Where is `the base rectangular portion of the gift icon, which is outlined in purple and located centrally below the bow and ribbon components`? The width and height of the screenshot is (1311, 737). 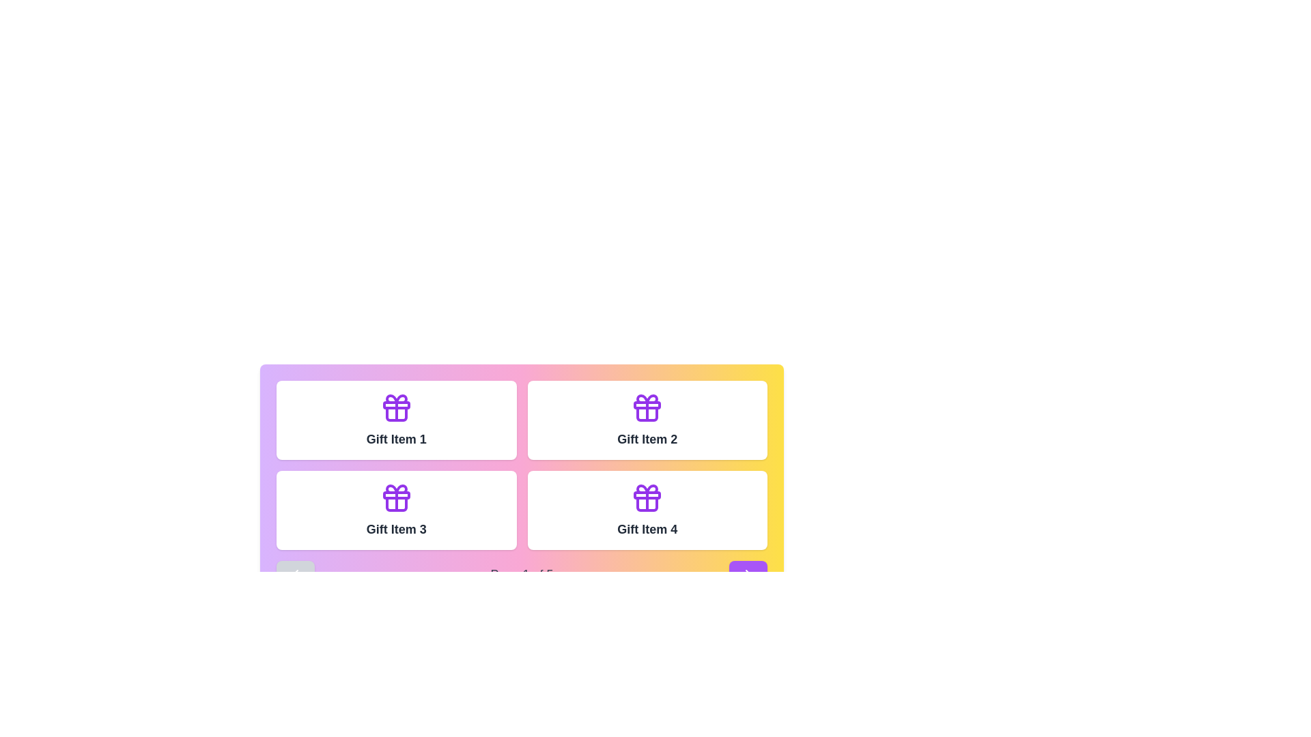 the base rectangular portion of the gift icon, which is outlined in purple and located centrally below the bow and ribbon components is located at coordinates (395, 413).